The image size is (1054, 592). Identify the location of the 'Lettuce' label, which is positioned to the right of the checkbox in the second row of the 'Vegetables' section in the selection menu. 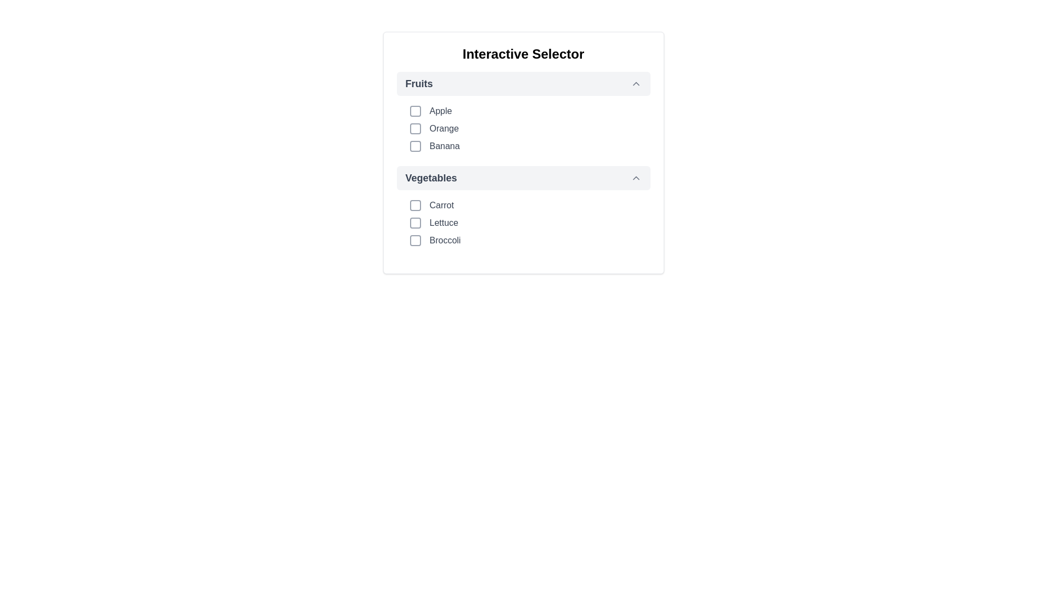
(444, 223).